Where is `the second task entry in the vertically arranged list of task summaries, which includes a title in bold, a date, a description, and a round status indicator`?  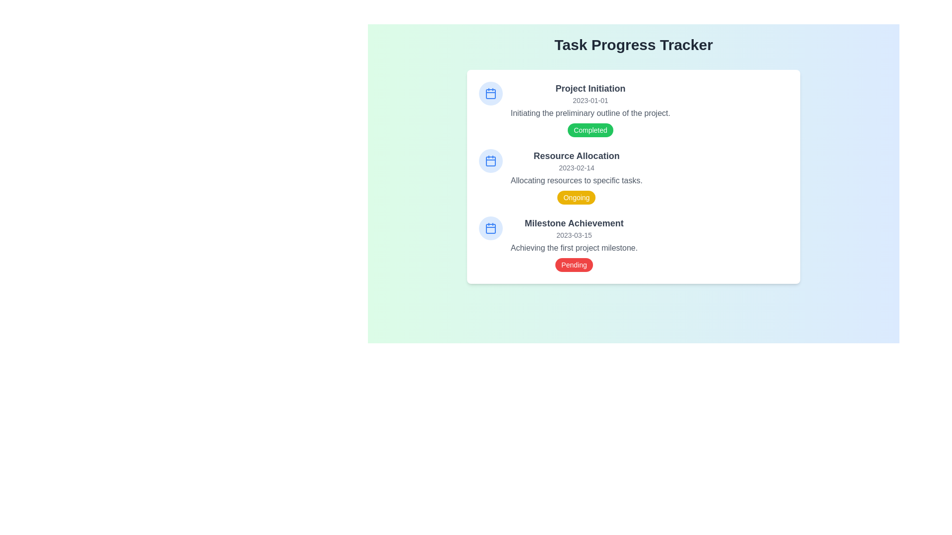 the second task entry in the vertically arranged list of task summaries, which includes a title in bold, a date, a description, and a round status indicator is located at coordinates (633, 176).